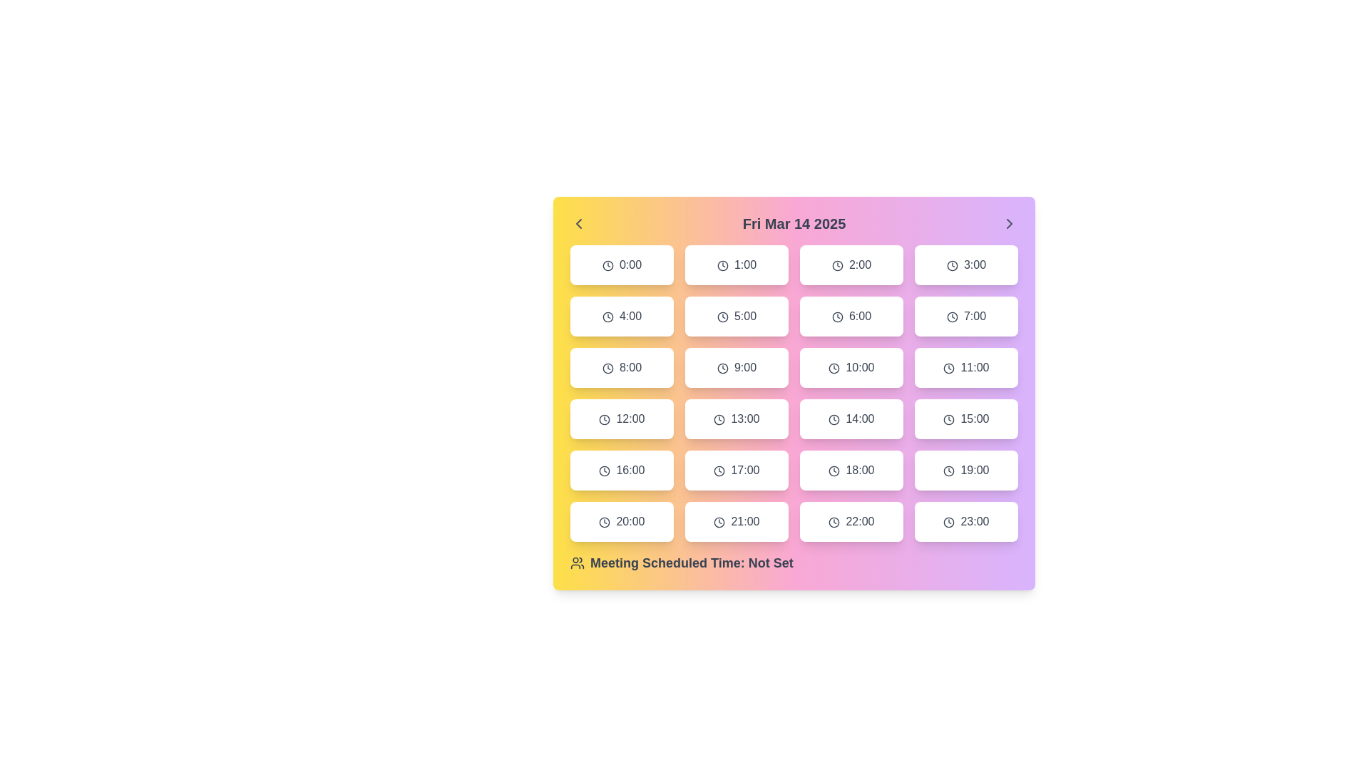  What do you see at coordinates (719, 522) in the screenshot?
I see `the circular base of the clock icon located next to the '21:00' time entry` at bounding box center [719, 522].